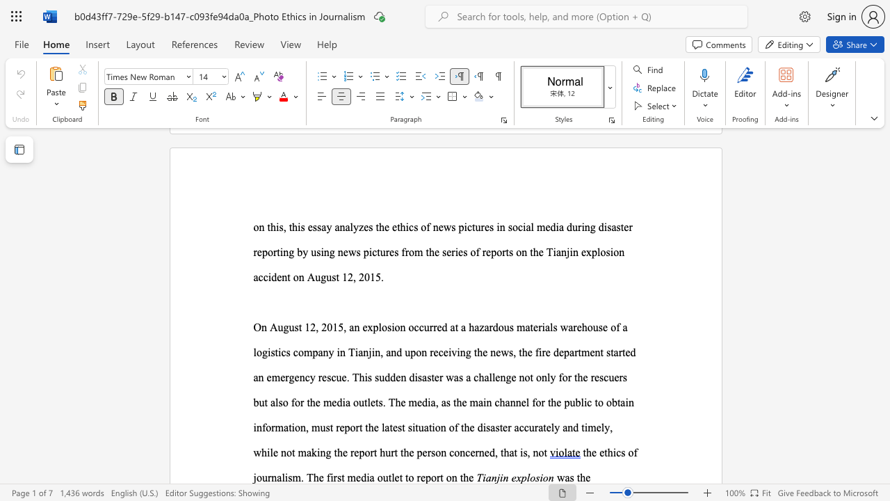 Image resolution: width=890 pixels, height=501 pixels. What do you see at coordinates (271, 477) in the screenshot?
I see `the subset text "nalism." within the text "the ethics of journalism. The first media outlet to report on the"` at bounding box center [271, 477].